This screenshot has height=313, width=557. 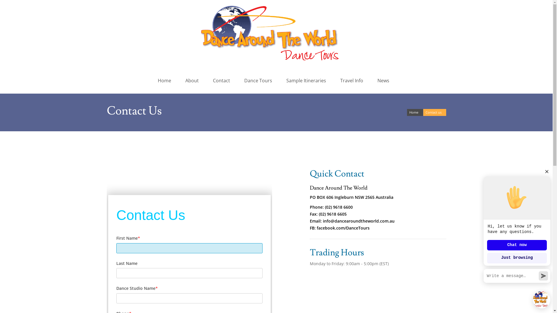 I want to click on 'Home', so click(x=165, y=80).